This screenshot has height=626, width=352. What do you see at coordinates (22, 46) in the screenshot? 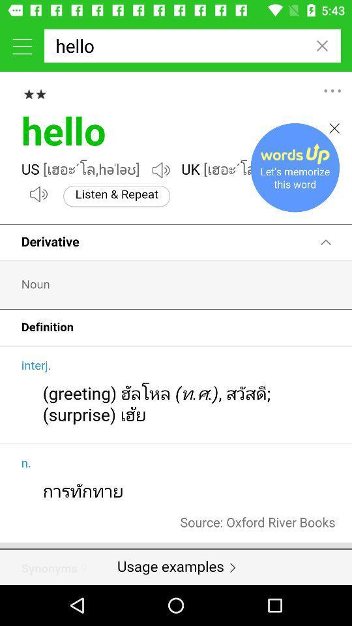
I see `the menu icon` at bounding box center [22, 46].